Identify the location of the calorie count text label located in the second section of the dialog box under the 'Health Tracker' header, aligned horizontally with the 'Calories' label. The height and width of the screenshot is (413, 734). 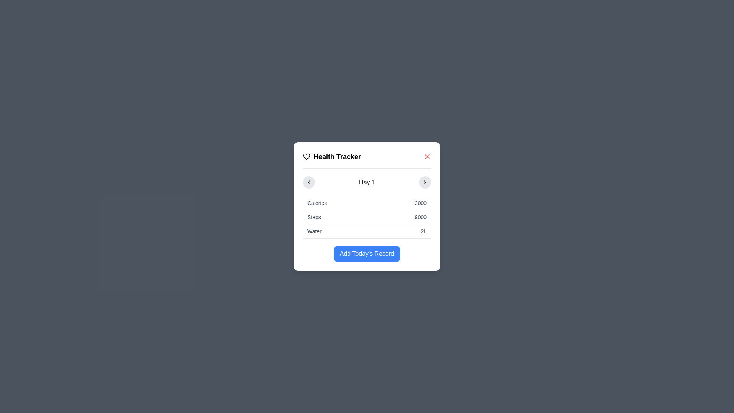
(420, 203).